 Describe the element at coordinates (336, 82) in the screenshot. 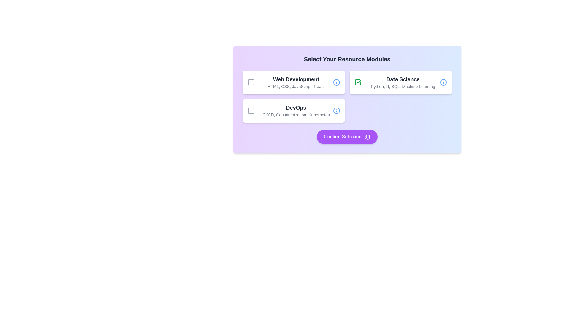

I see `the informational icon located in the top-left card labeled 'Web Development', situated to the far right next to the text 'HTML, CSS, JavaScript, React'` at that location.